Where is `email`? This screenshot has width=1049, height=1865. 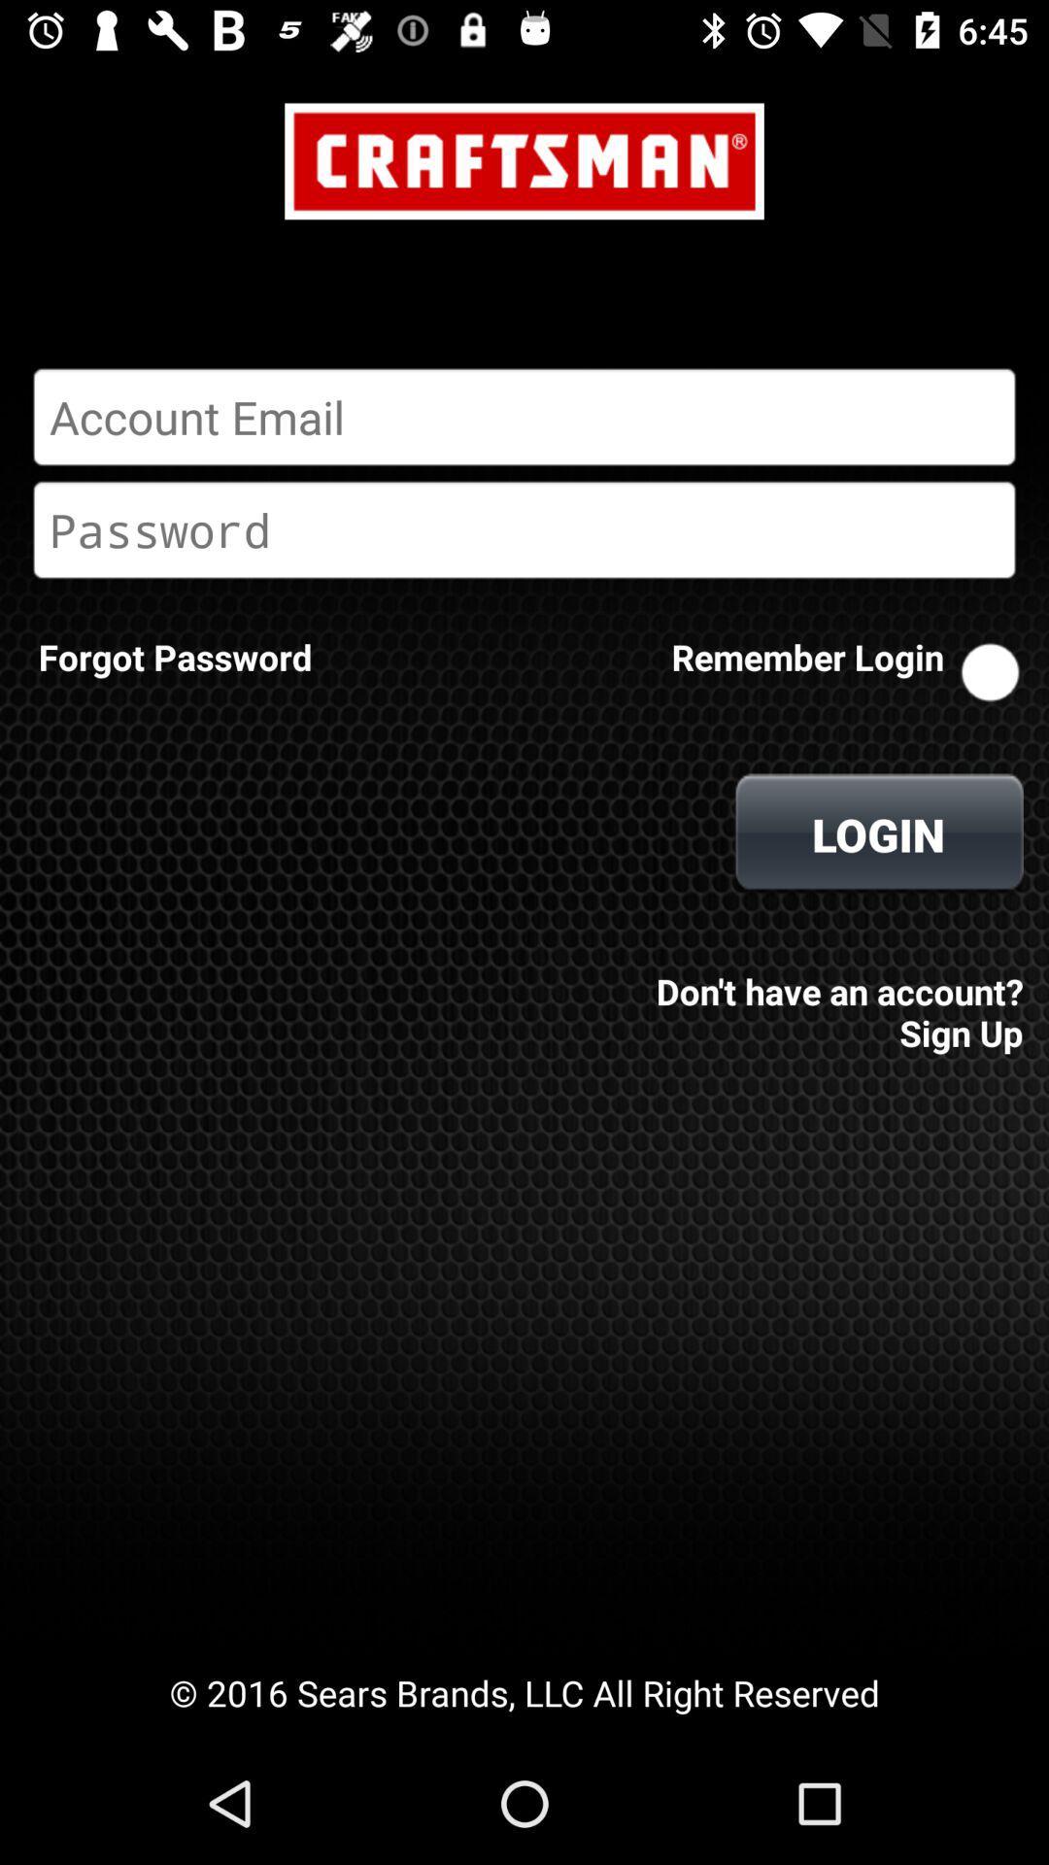 email is located at coordinates (524, 416).